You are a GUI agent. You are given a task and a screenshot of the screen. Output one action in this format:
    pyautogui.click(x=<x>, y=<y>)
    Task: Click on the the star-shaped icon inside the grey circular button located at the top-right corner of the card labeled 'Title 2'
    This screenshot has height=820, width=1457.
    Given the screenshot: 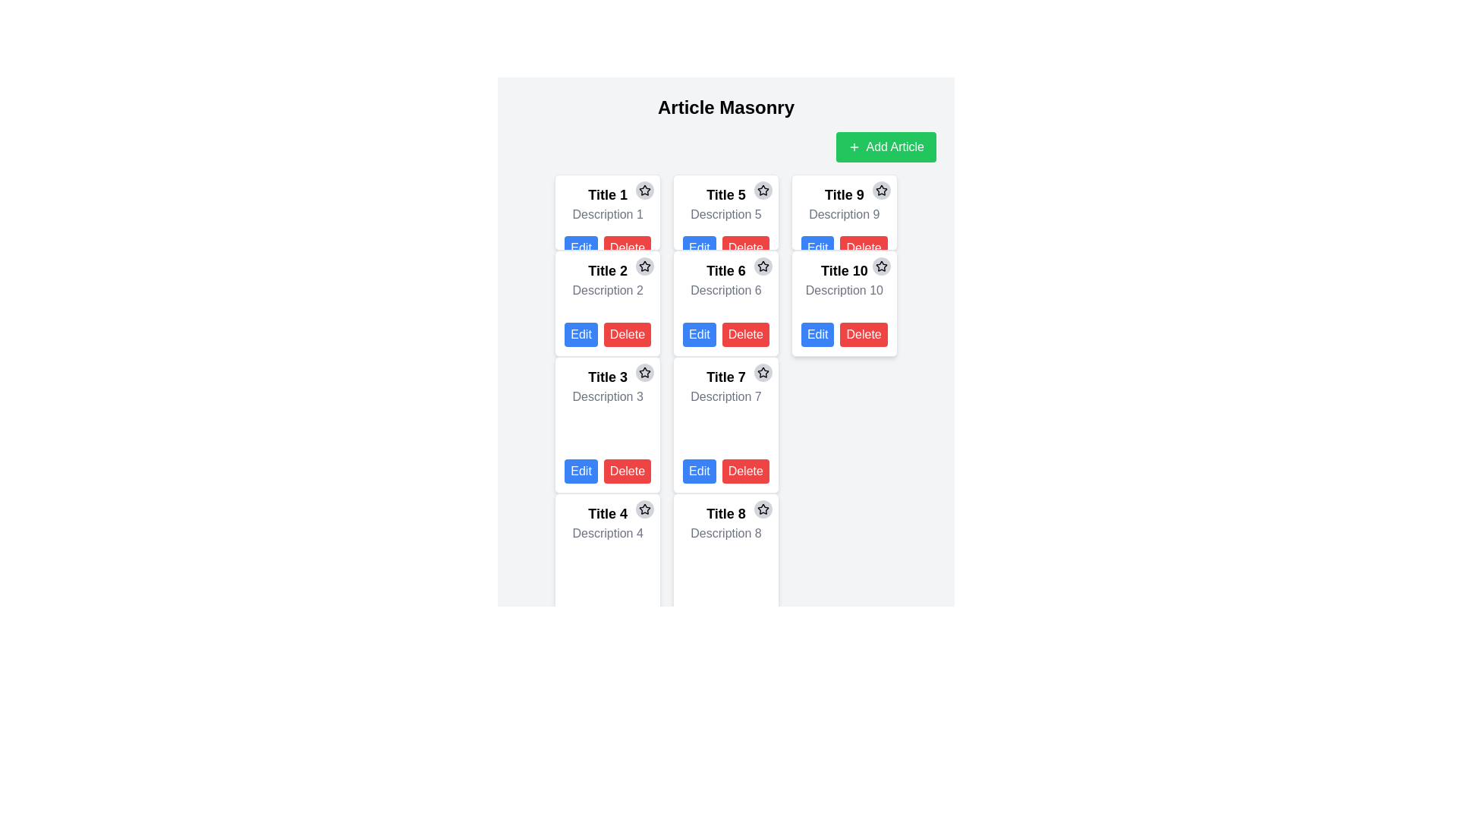 What is the action you would take?
    pyautogui.click(x=644, y=266)
    